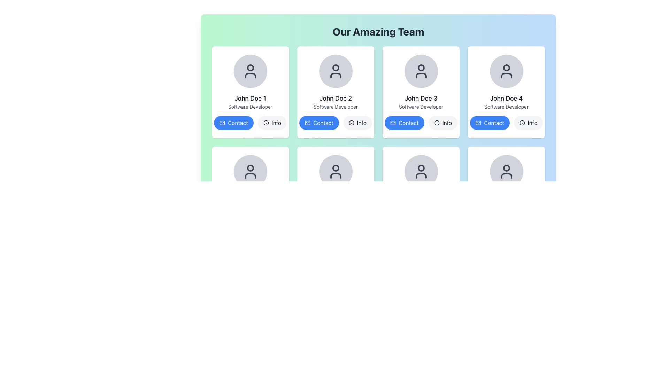 The width and height of the screenshot is (669, 376). I want to click on the title text label in the fourth profile card located in the top row of the grid layout, so click(506, 98).